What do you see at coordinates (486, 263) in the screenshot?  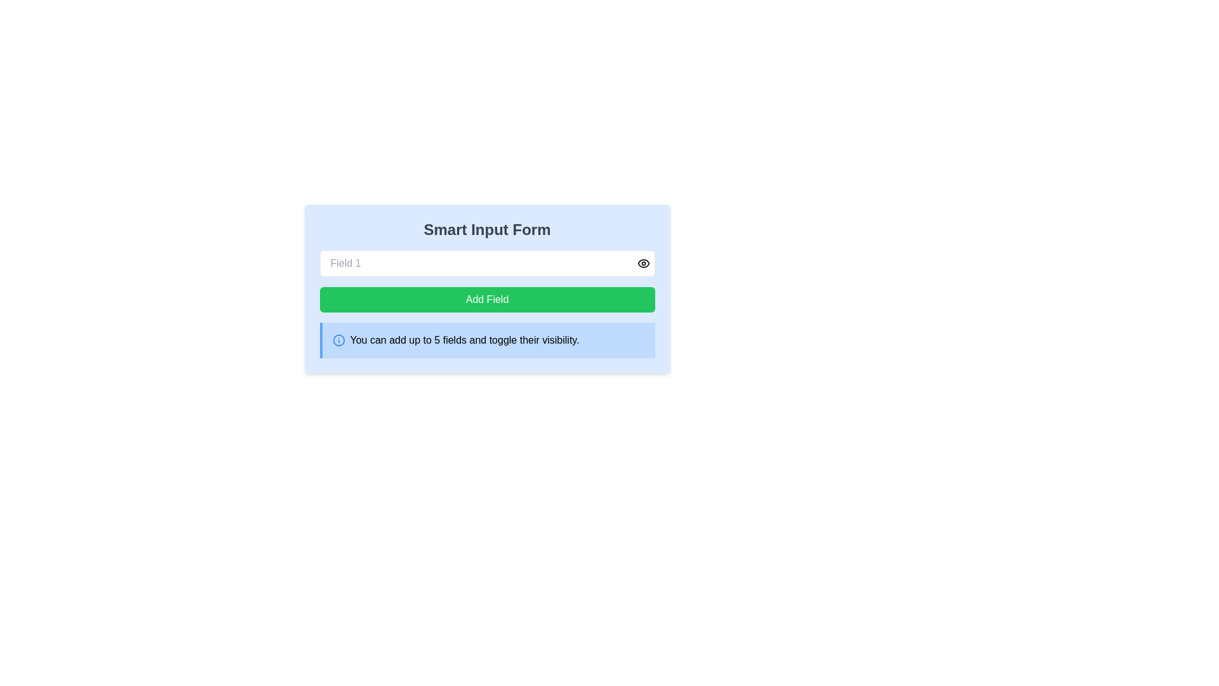 I see `the Password Input Field with Visibility Toggle to focus and type in it` at bounding box center [486, 263].